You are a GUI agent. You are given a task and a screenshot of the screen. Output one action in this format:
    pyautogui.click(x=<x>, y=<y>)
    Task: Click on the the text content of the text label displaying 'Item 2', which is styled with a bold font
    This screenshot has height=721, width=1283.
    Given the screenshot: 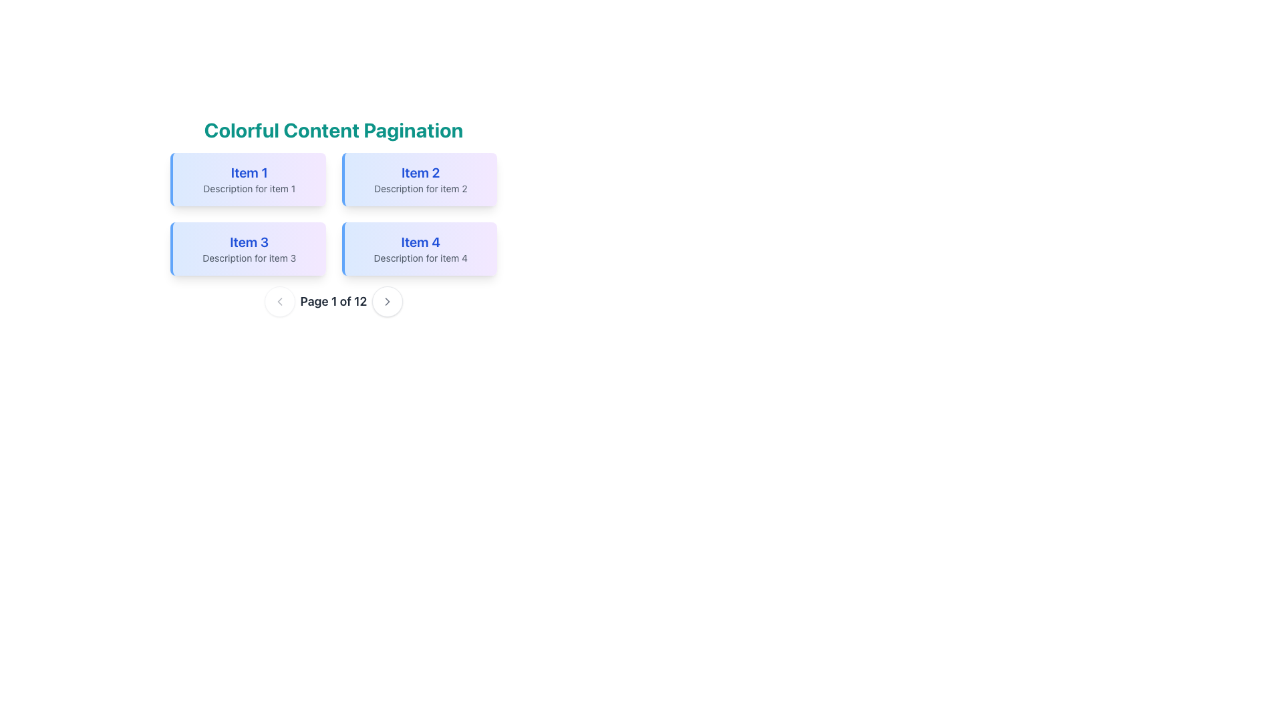 What is the action you would take?
    pyautogui.click(x=420, y=172)
    